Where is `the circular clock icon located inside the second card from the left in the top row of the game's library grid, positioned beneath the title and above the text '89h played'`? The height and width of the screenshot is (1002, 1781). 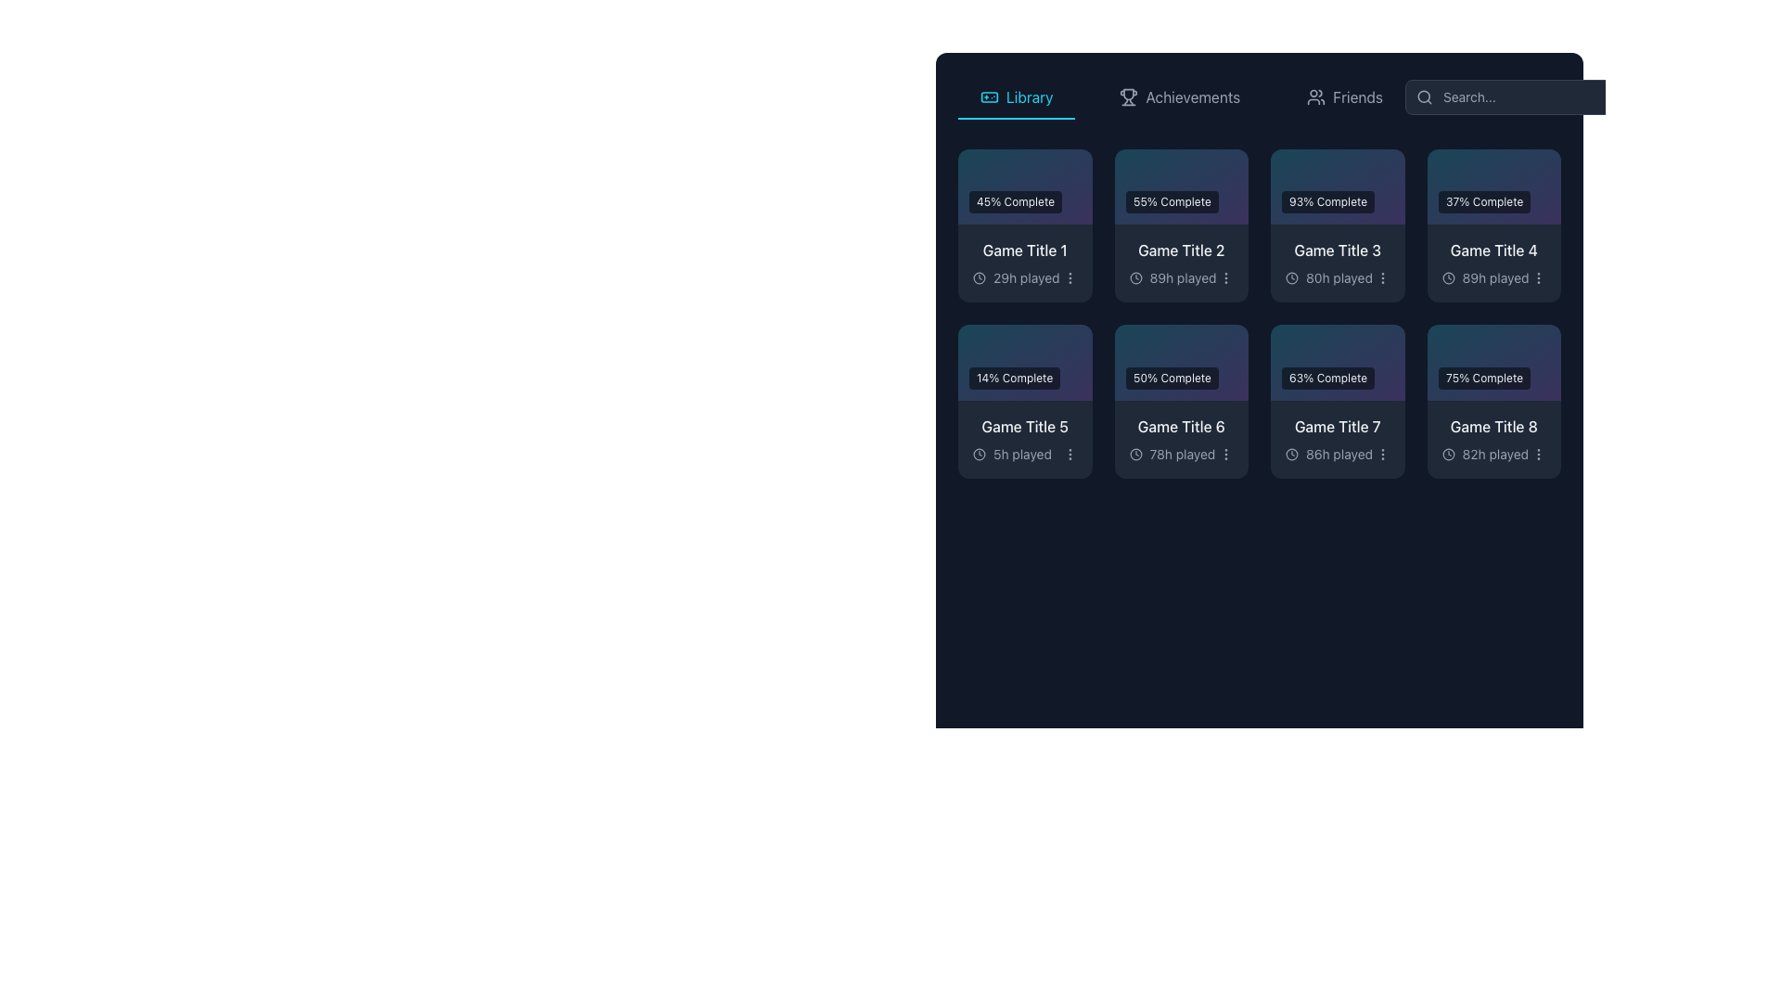 the circular clock icon located inside the second card from the left in the top row of the game's library grid, positioned beneath the title and above the text '89h played' is located at coordinates (1134, 278).